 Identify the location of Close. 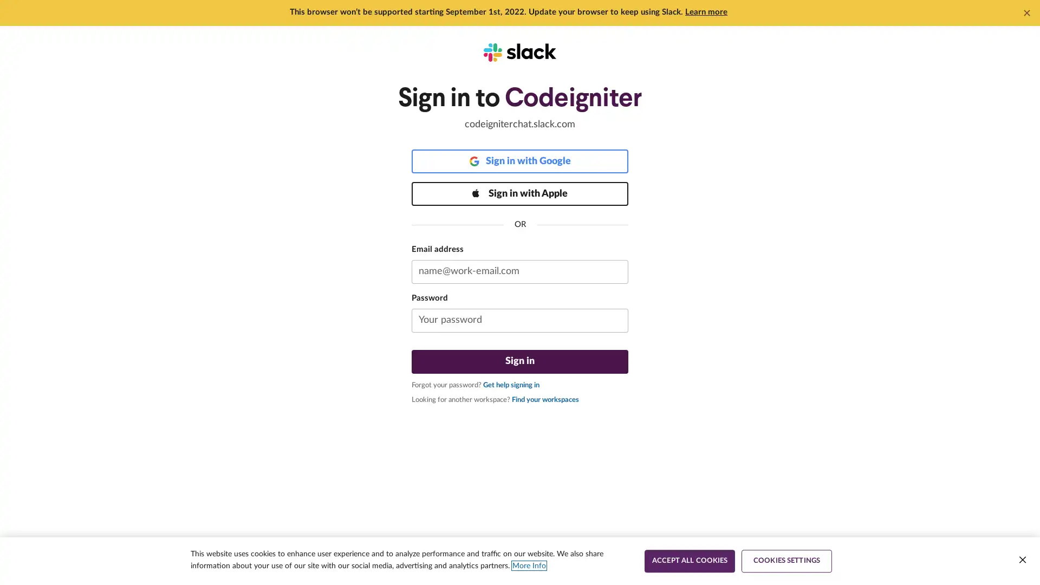
(1022, 560).